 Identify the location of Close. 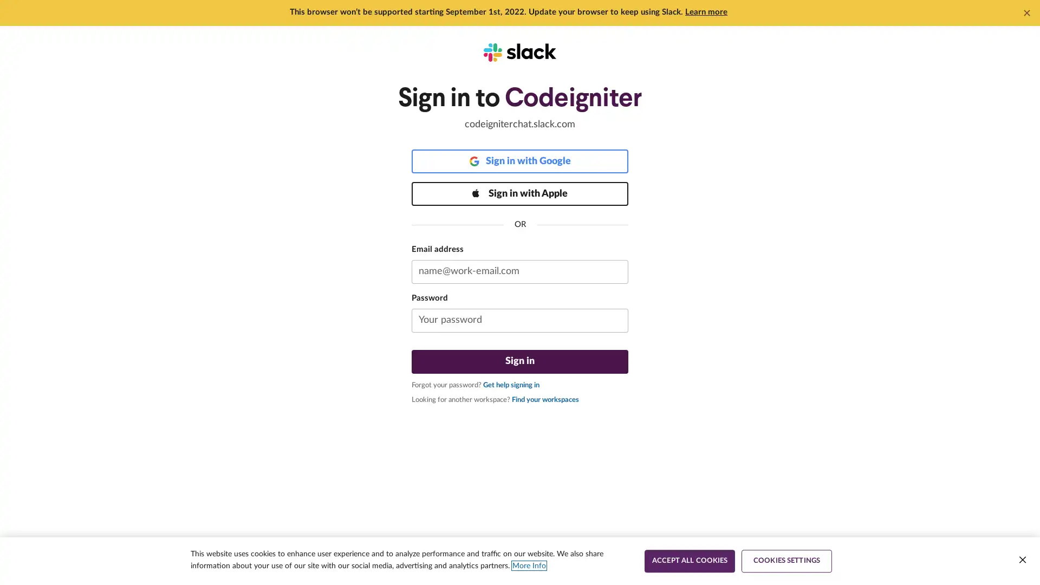
(1022, 560).